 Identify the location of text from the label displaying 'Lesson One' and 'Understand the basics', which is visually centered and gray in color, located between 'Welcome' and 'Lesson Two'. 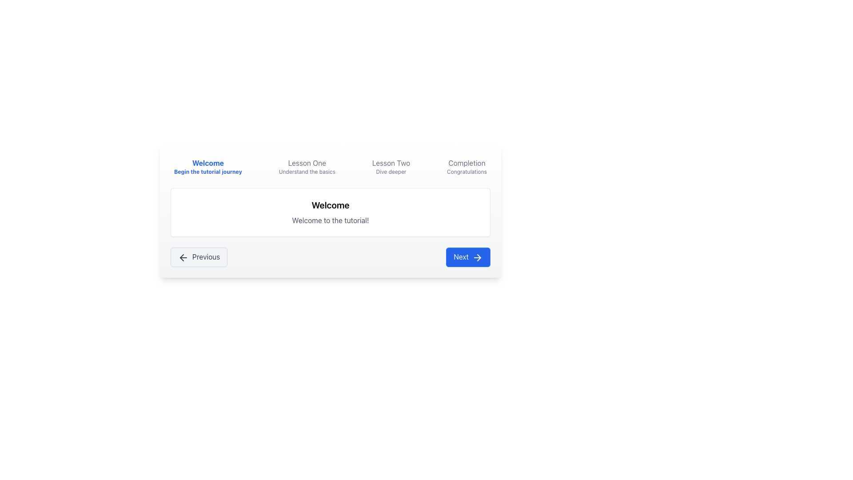
(307, 166).